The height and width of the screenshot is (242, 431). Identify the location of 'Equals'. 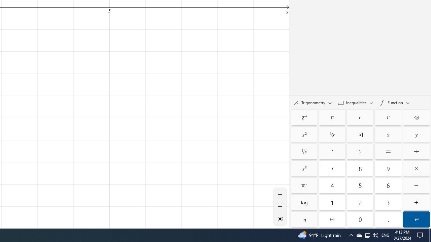
(388, 152).